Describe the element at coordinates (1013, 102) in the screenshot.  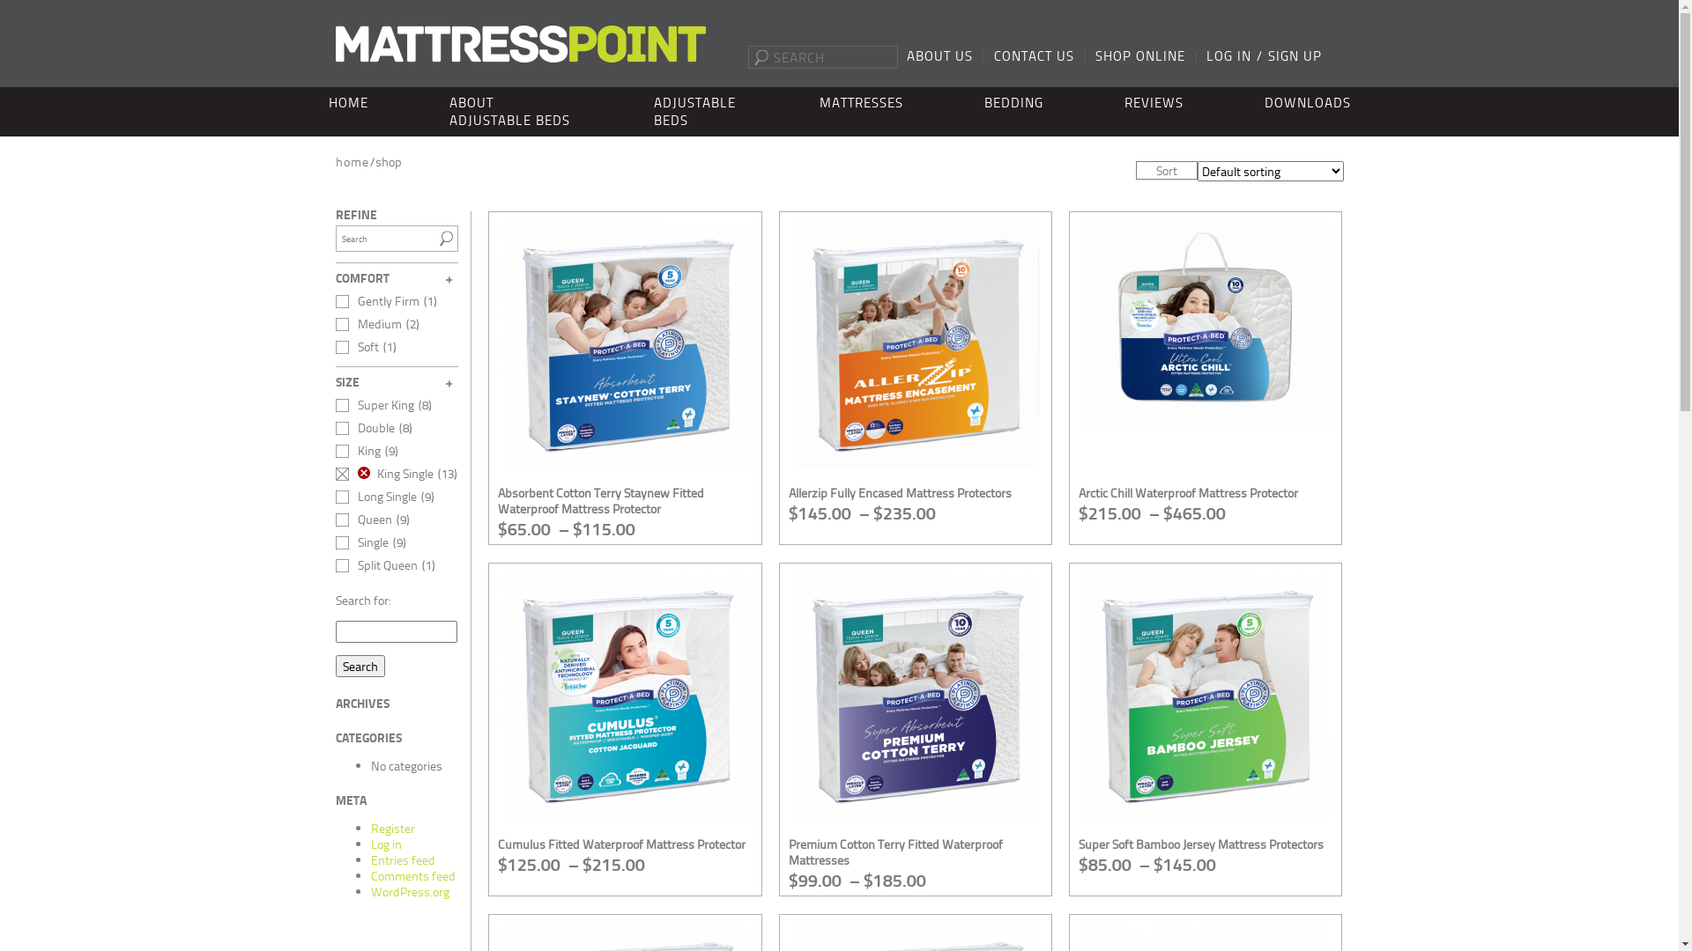
I see `'BEDDING'` at that location.